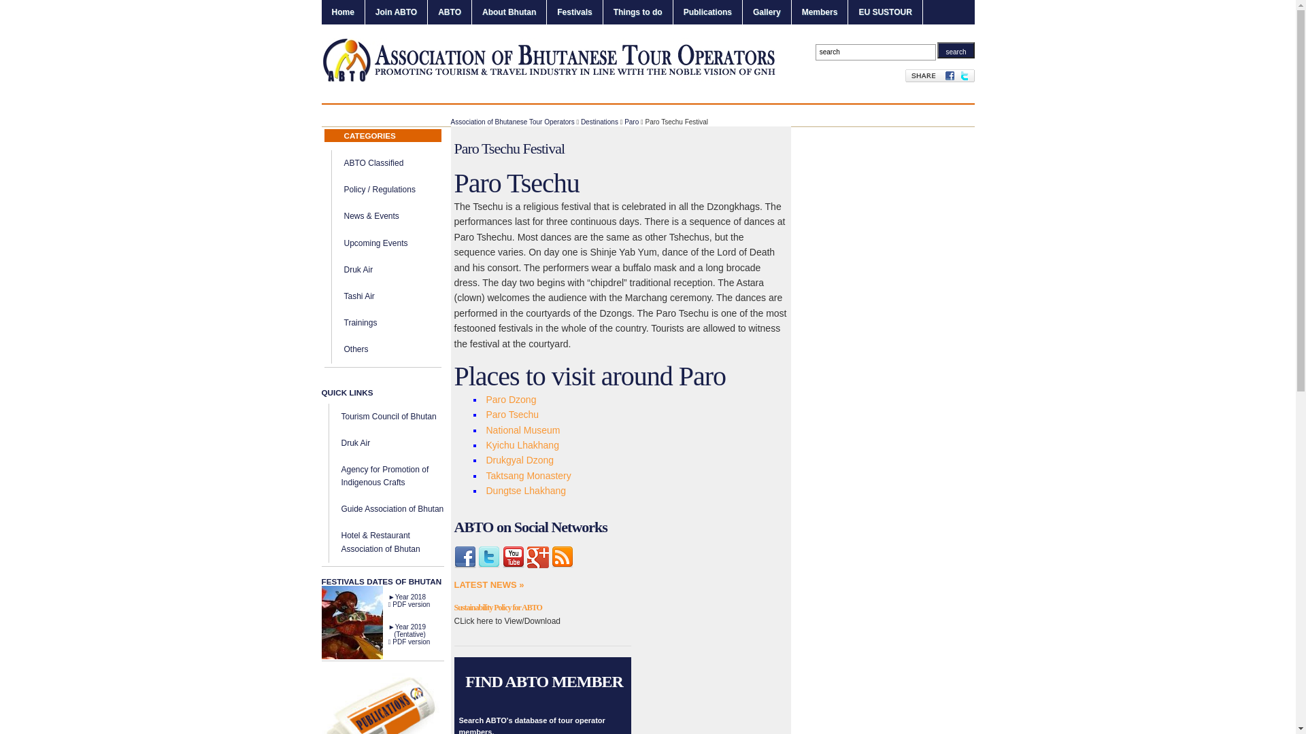  What do you see at coordinates (522, 430) in the screenshot?
I see `'National Museum'` at bounding box center [522, 430].